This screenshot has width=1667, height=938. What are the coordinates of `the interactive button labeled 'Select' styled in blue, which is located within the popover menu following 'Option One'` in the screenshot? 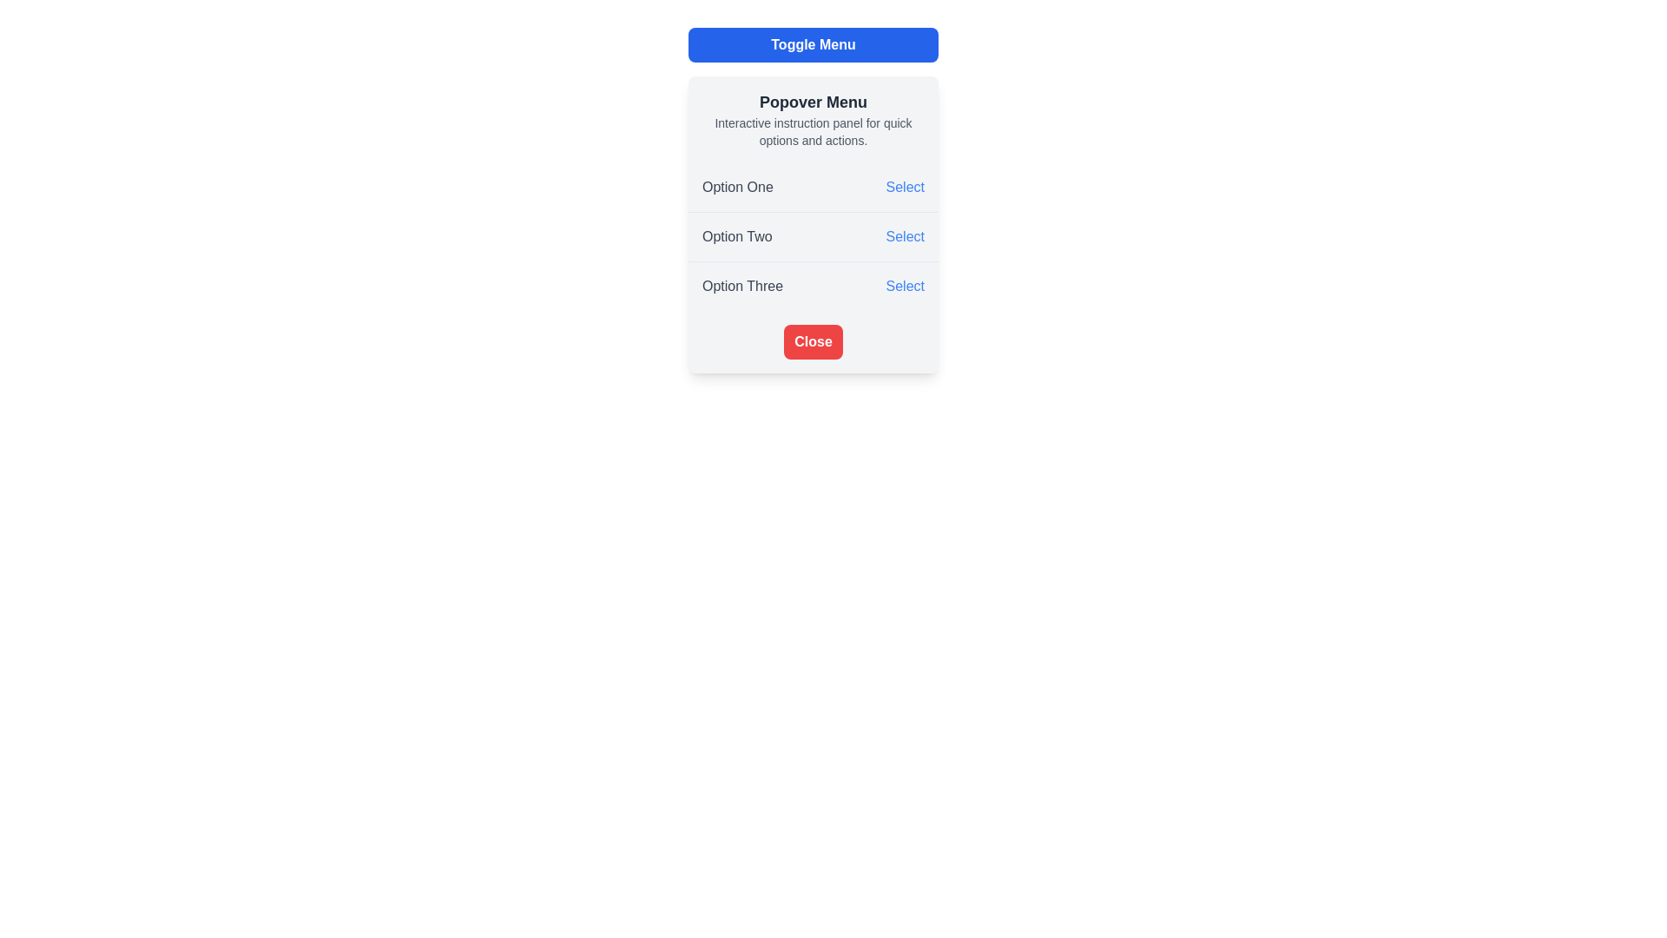 It's located at (904, 188).